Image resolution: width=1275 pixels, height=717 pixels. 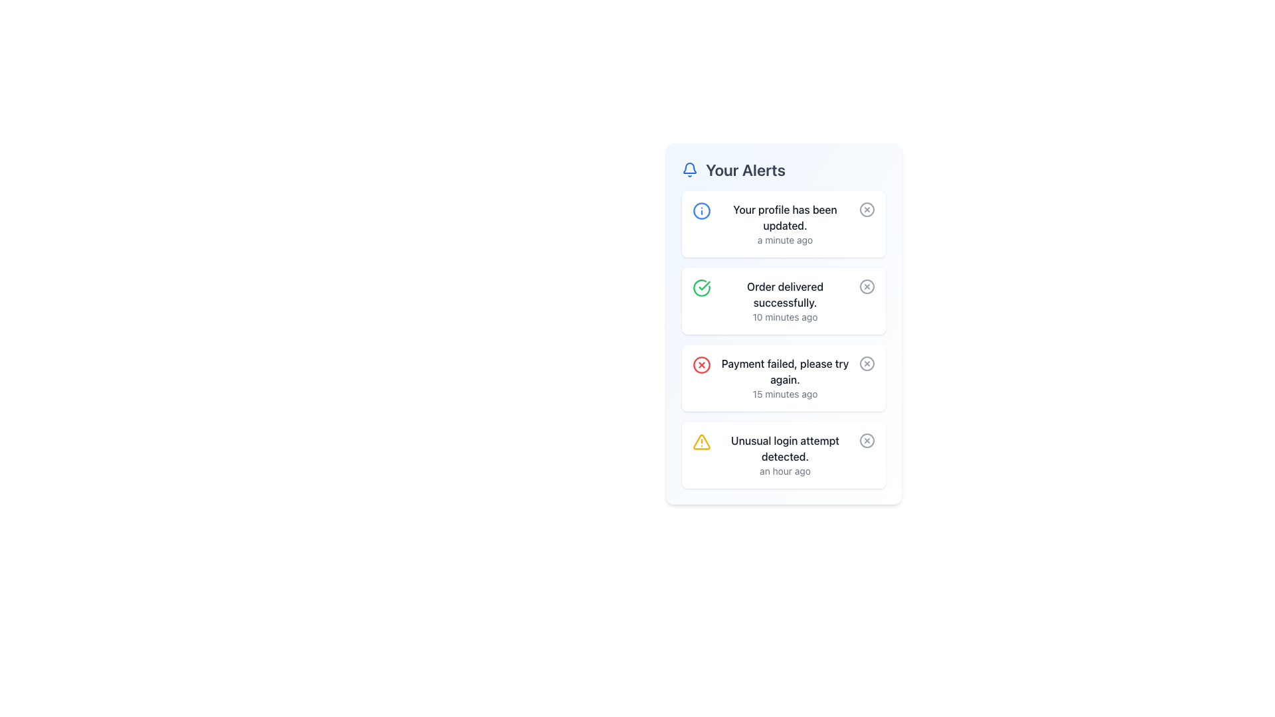 What do you see at coordinates (785, 394) in the screenshot?
I see `the timestamp element located in the third notification of the 'Your Alerts' section, which informs the user about when the payment failure event occurred` at bounding box center [785, 394].